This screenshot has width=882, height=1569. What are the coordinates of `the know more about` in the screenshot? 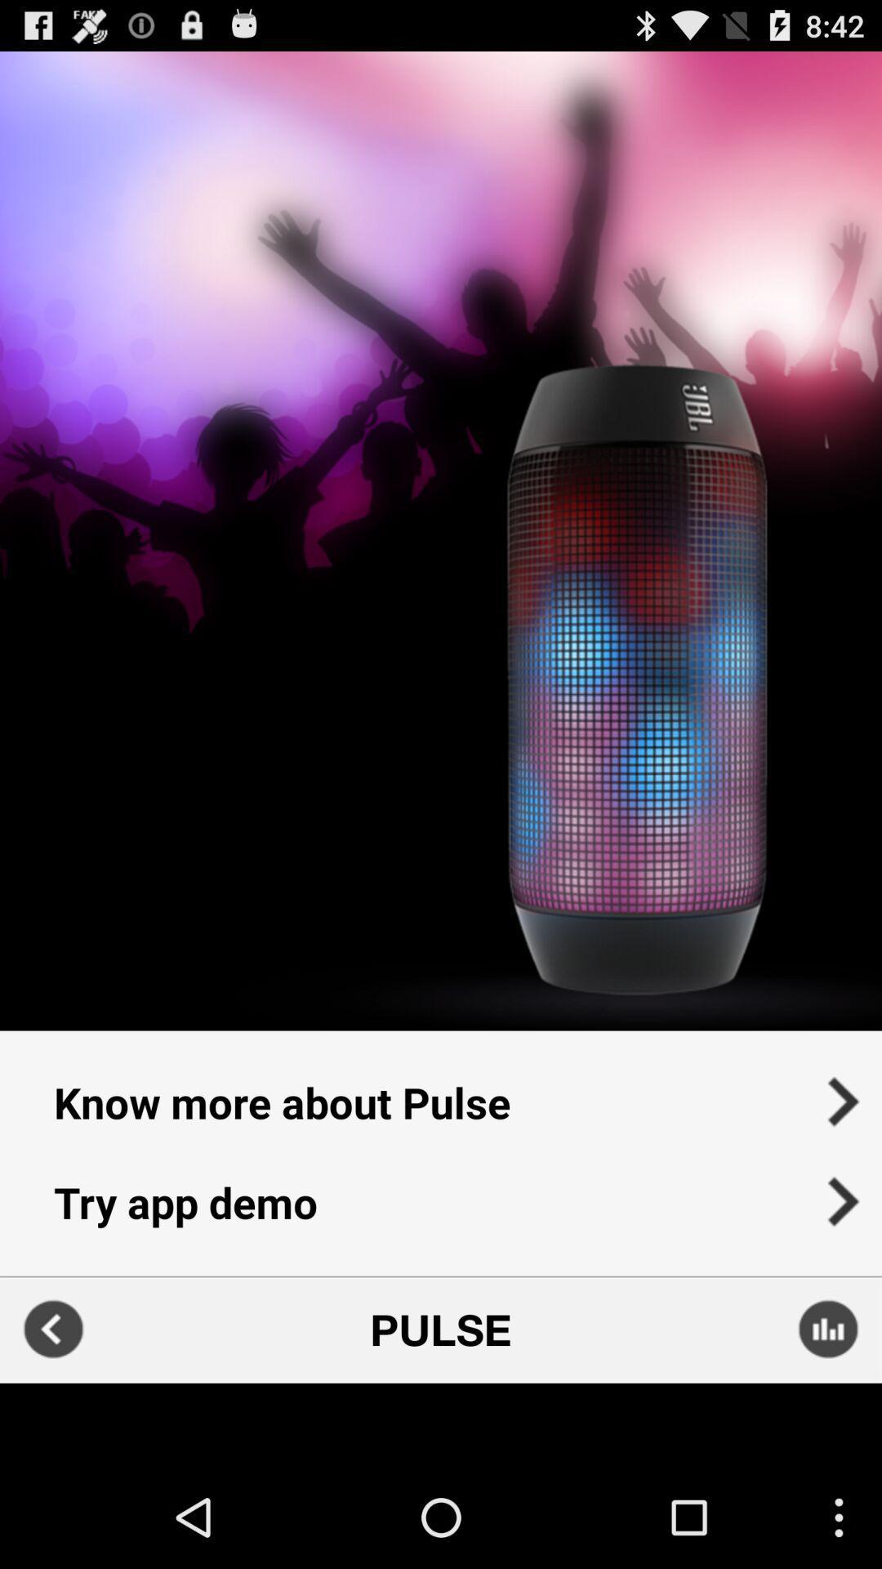 It's located at (441, 1091).